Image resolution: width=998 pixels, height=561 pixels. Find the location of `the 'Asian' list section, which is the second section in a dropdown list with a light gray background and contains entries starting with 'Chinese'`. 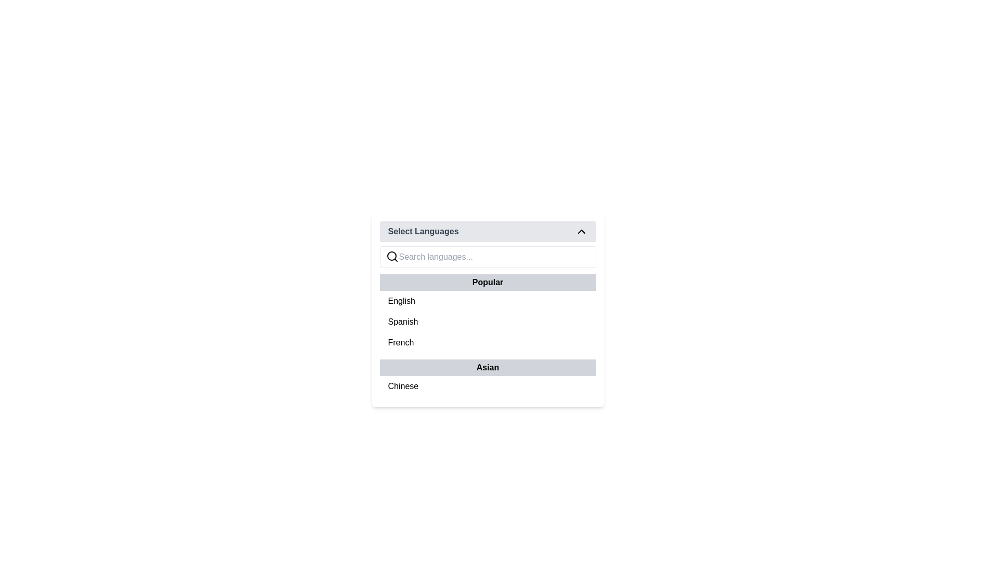

the 'Asian' list section, which is the second section in a dropdown list with a light gray background and contains entries starting with 'Chinese' is located at coordinates (487, 398).